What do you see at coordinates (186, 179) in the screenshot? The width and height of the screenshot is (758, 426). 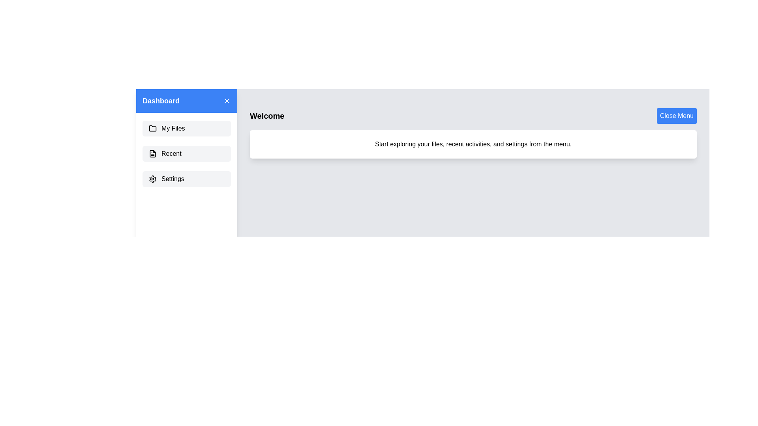 I see `the menu item Settings to observe the hover effect` at bounding box center [186, 179].